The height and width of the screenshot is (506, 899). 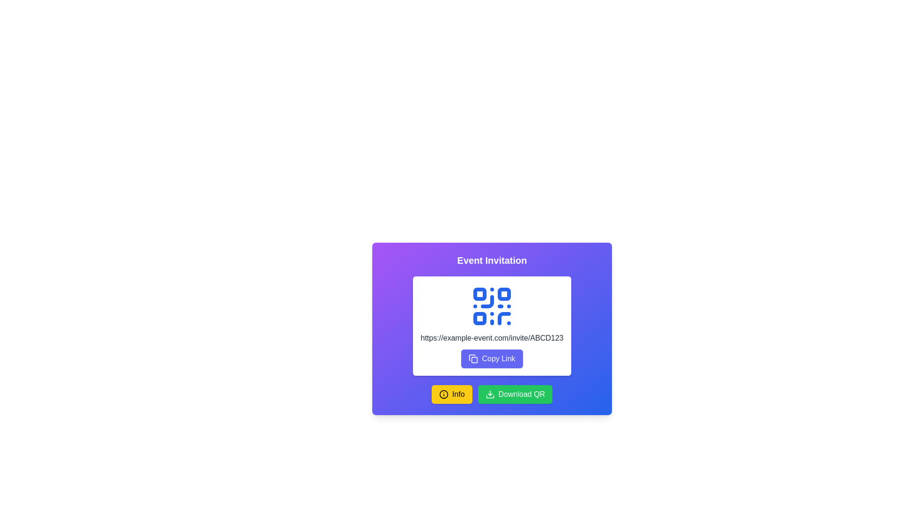 What do you see at coordinates (492, 306) in the screenshot?
I see `the QR code styled depiction located at the upper center of the 'Event Invitation' card, which is rendered in blue against a white background` at bounding box center [492, 306].